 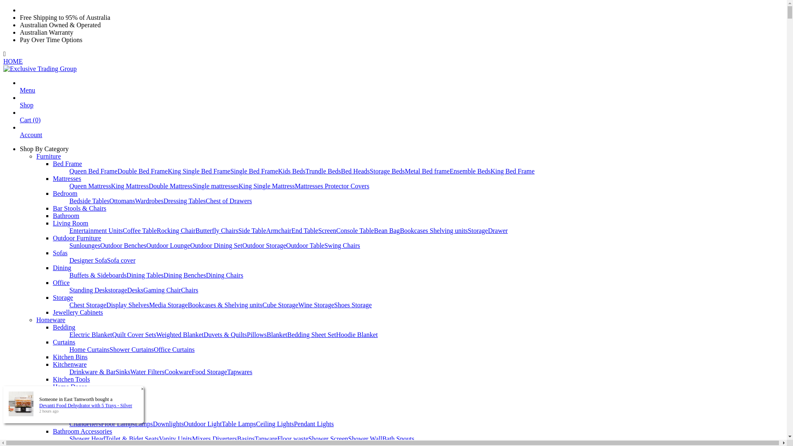 I want to click on 'Hoodie Blanket', so click(x=357, y=334).